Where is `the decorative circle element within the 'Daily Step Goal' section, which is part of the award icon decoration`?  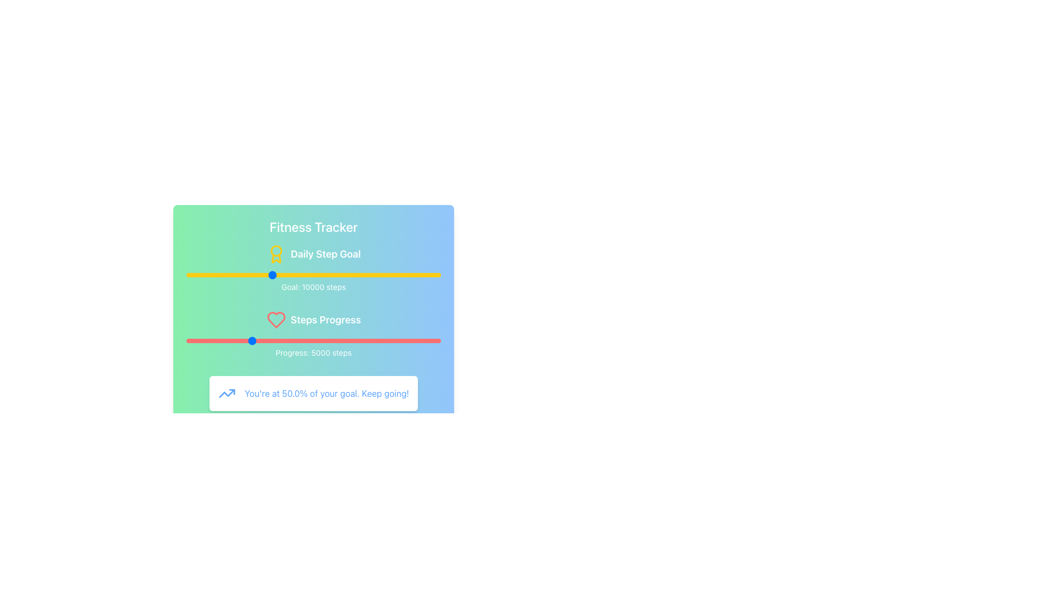 the decorative circle element within the 'Daily Step Goal' section, which is part of the award icon decoration is located at coordinates (276, 251).